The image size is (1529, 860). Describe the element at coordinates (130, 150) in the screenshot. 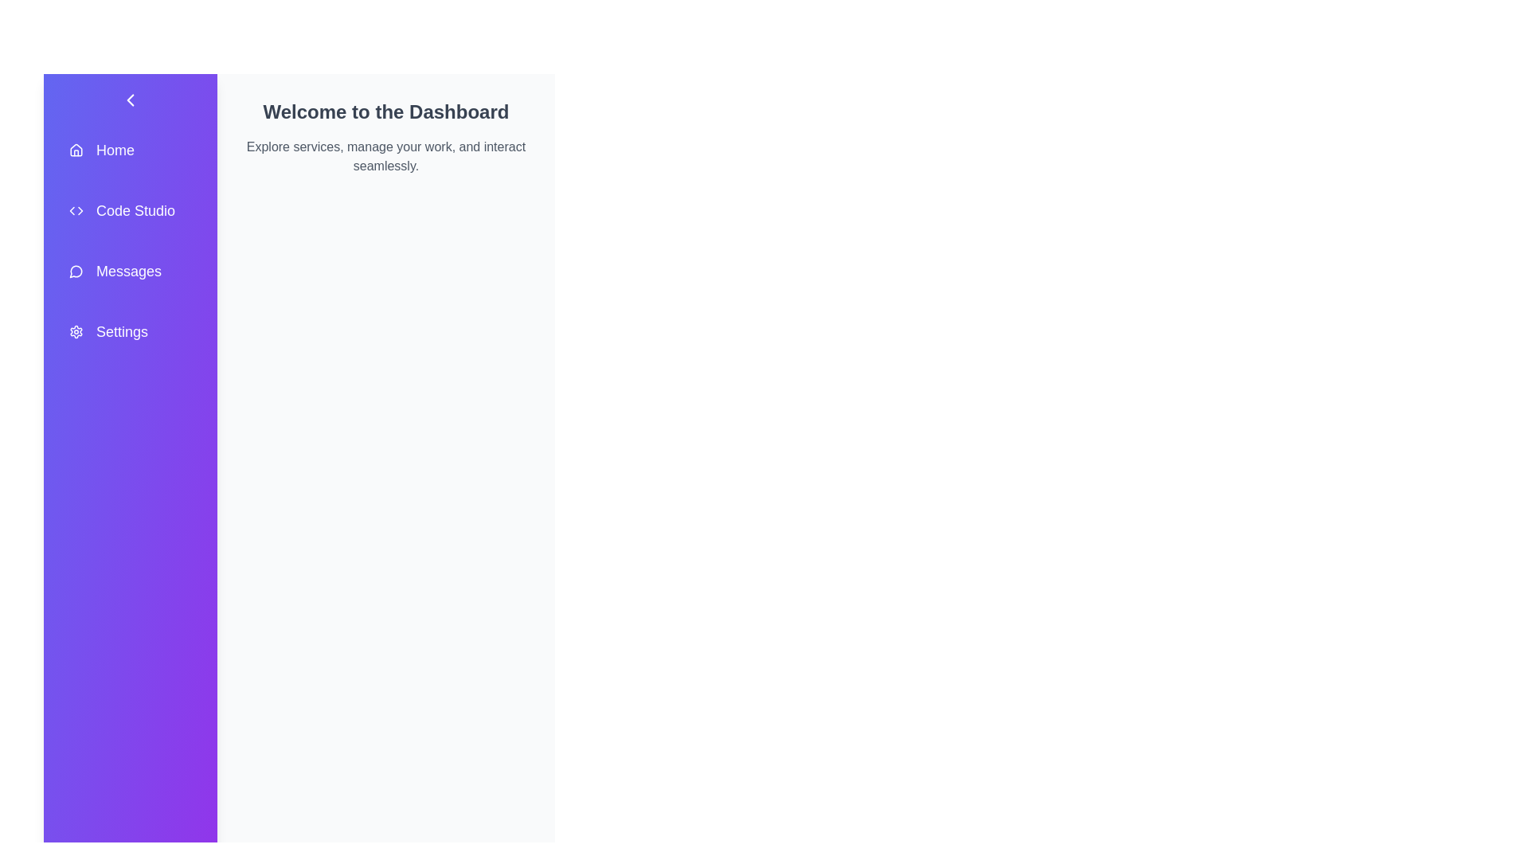

I see `the menu item labeled 'Home' to observe its hover effect` at that location.